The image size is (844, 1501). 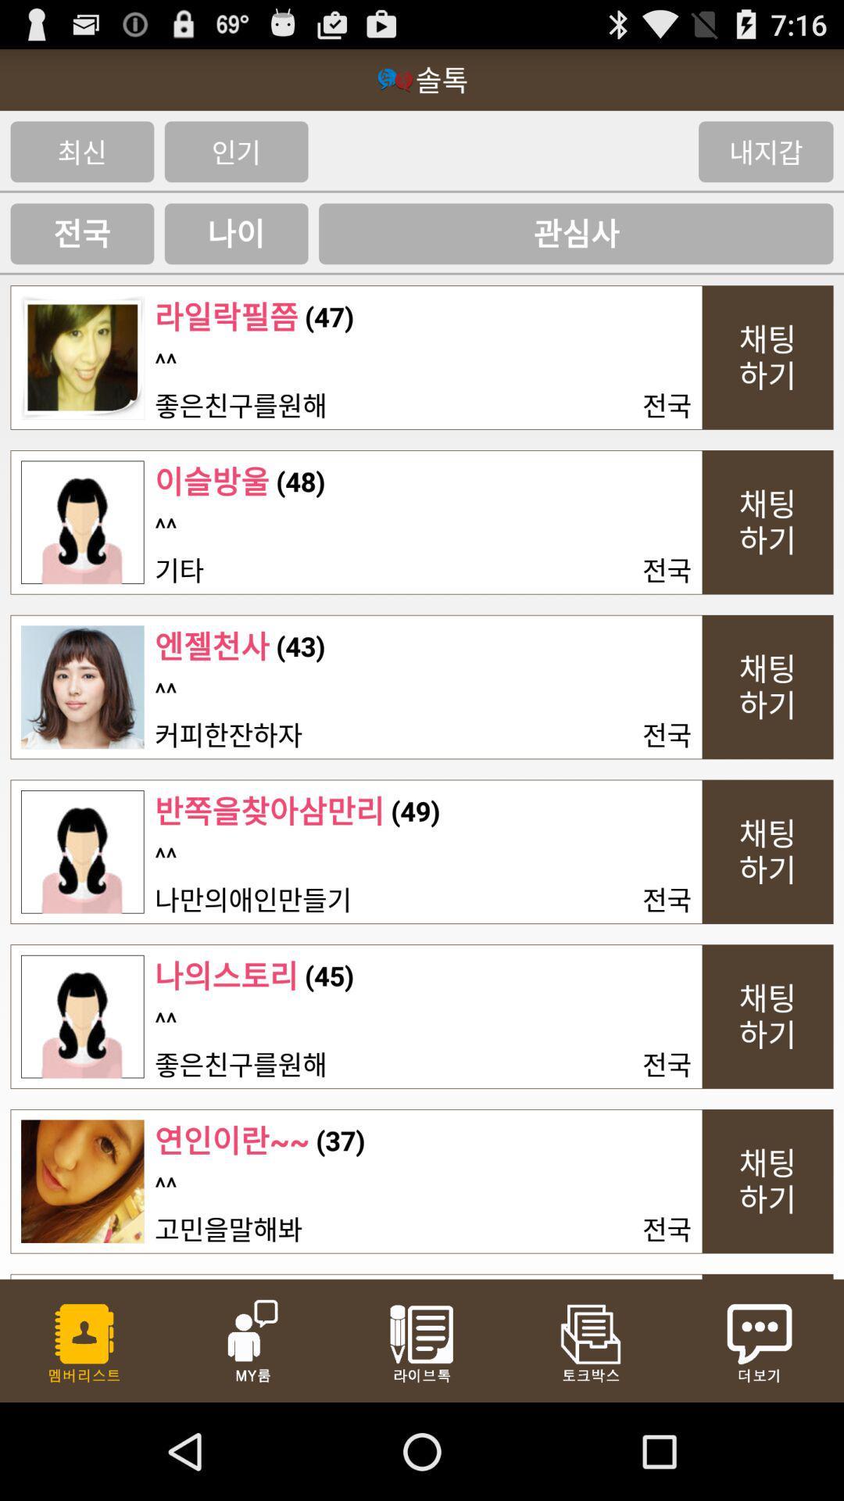 What do you see at coordinates (226, 975) in the screenshot?
I see `item next to  (45)` at bounding box center [226, 975].